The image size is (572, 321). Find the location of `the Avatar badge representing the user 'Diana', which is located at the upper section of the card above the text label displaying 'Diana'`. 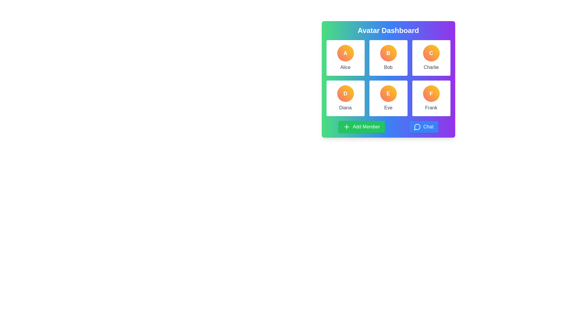

the Avatar badge representing the user 'Diana', which is located at the upper section of the card above the text label displaying 'Diana' is located at coordinates (345, 94).